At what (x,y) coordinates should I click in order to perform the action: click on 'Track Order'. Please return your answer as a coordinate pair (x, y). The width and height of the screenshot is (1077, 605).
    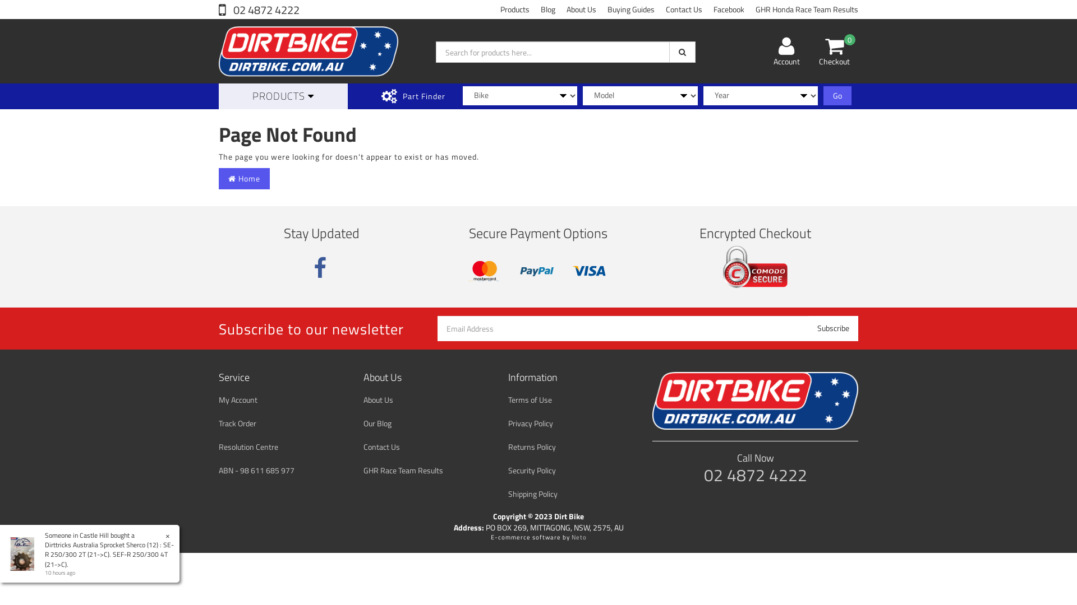
    Looking at the image, I should click on (281, 424).